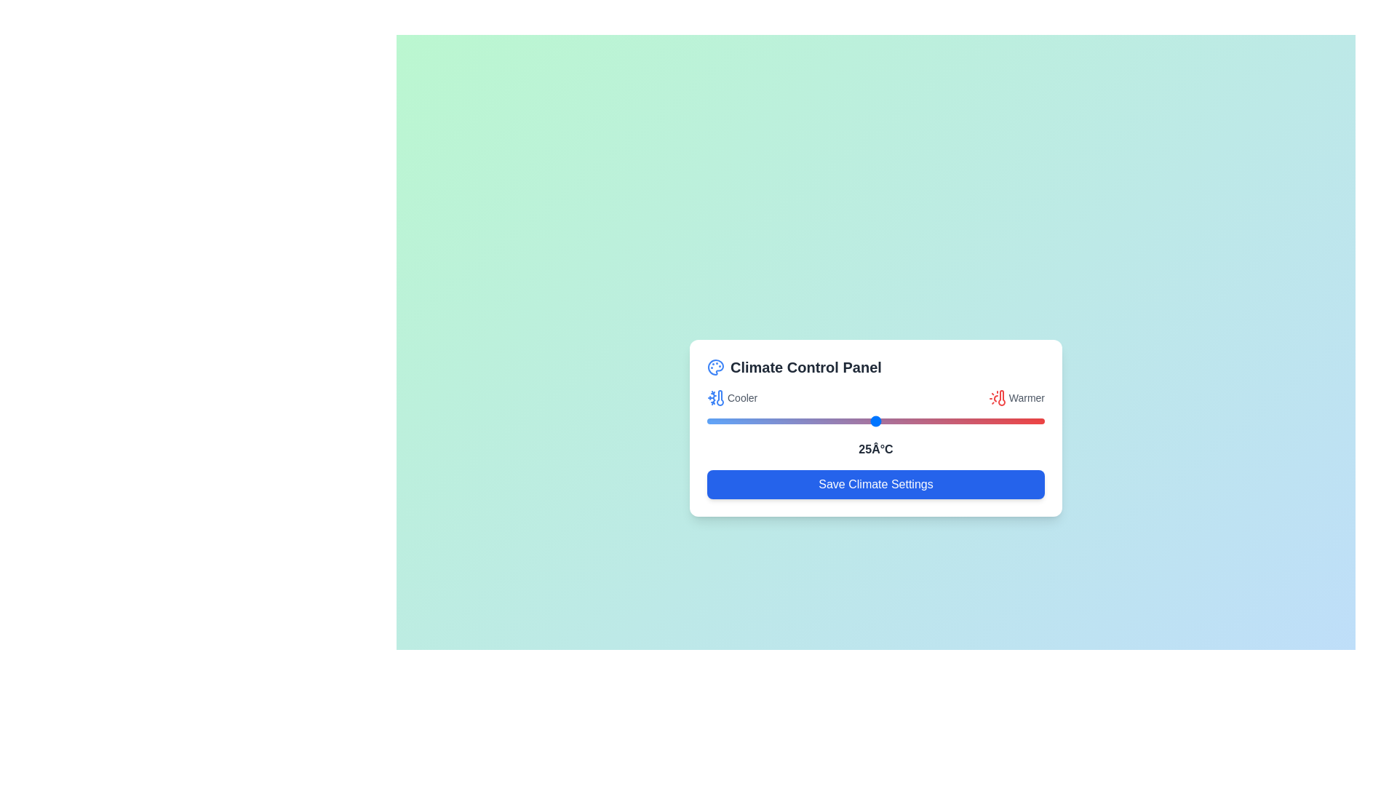 This screenshot has height=786, width=1397. Describe the element at coordinates (990, 421) in the screenshot. I see `the temperature slider to set the temperature to 42°C` at that location.